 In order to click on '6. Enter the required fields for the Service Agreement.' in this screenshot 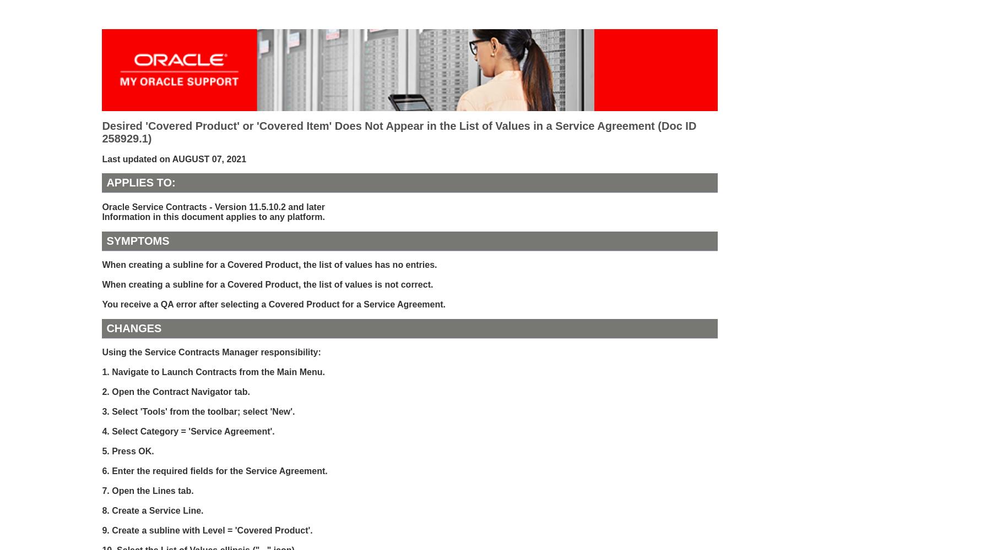, I will do `click(214, 470)`.